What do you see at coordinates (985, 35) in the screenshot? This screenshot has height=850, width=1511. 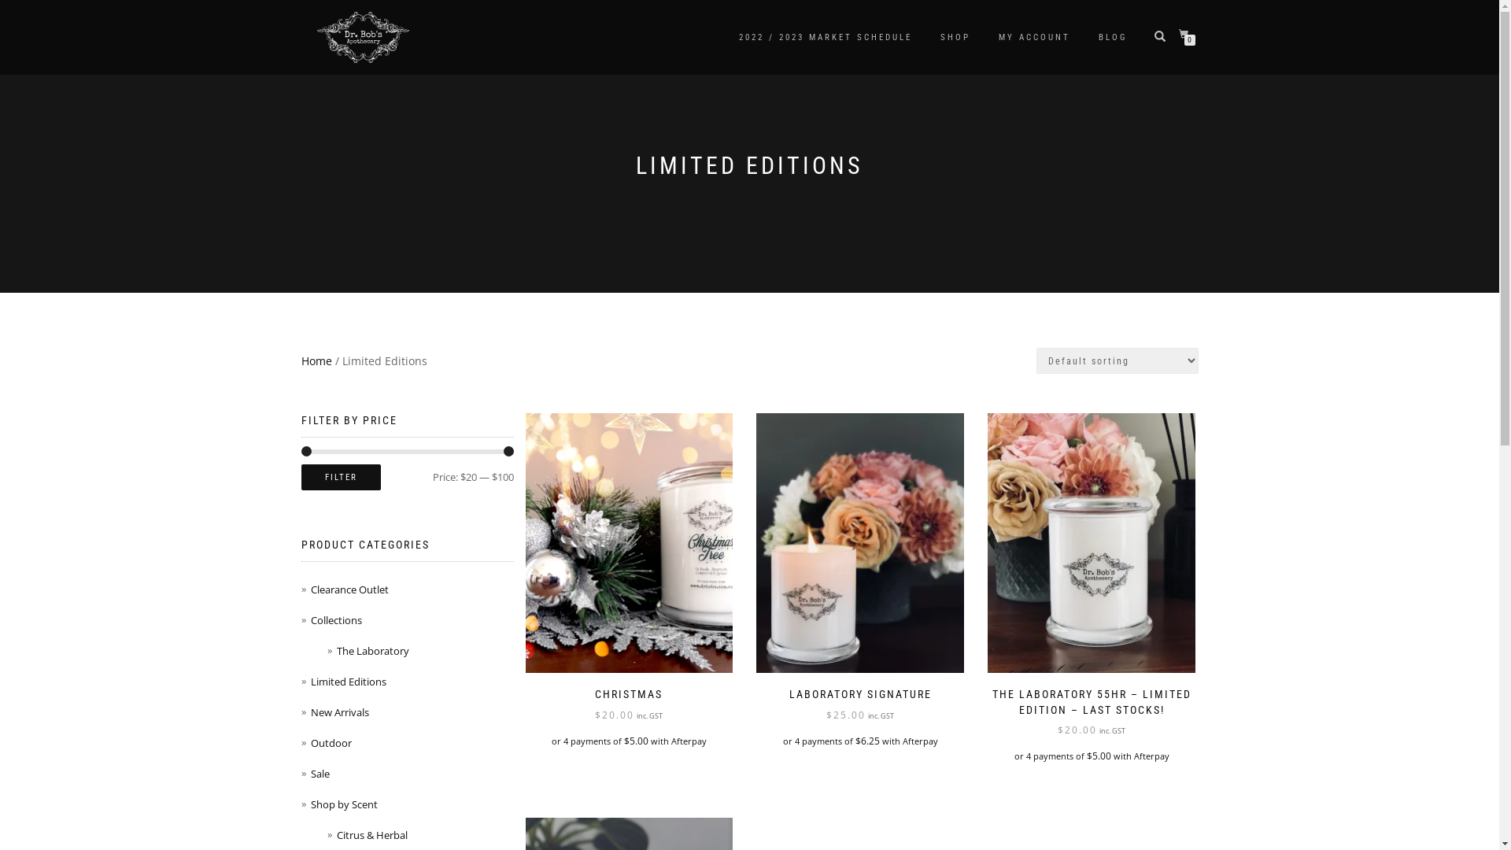 I see `'MY ACCOUNT'` at bounding box center [985, 35].